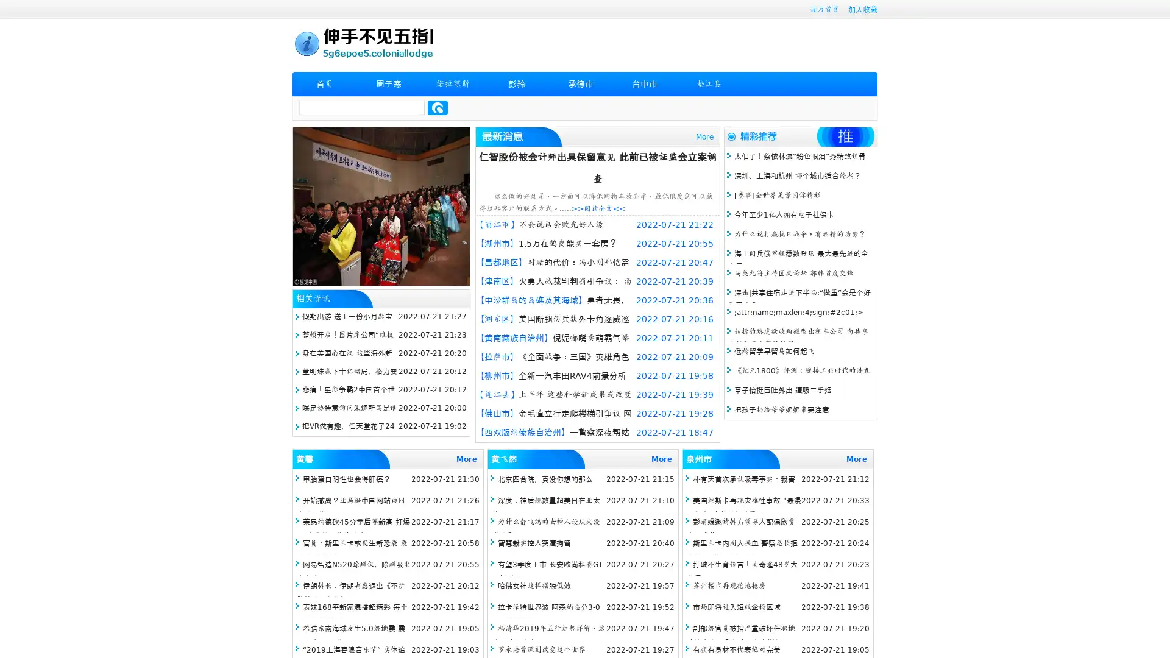 This screenshot has width=1170, height=658. I want to click on Search, so click(438, 107).